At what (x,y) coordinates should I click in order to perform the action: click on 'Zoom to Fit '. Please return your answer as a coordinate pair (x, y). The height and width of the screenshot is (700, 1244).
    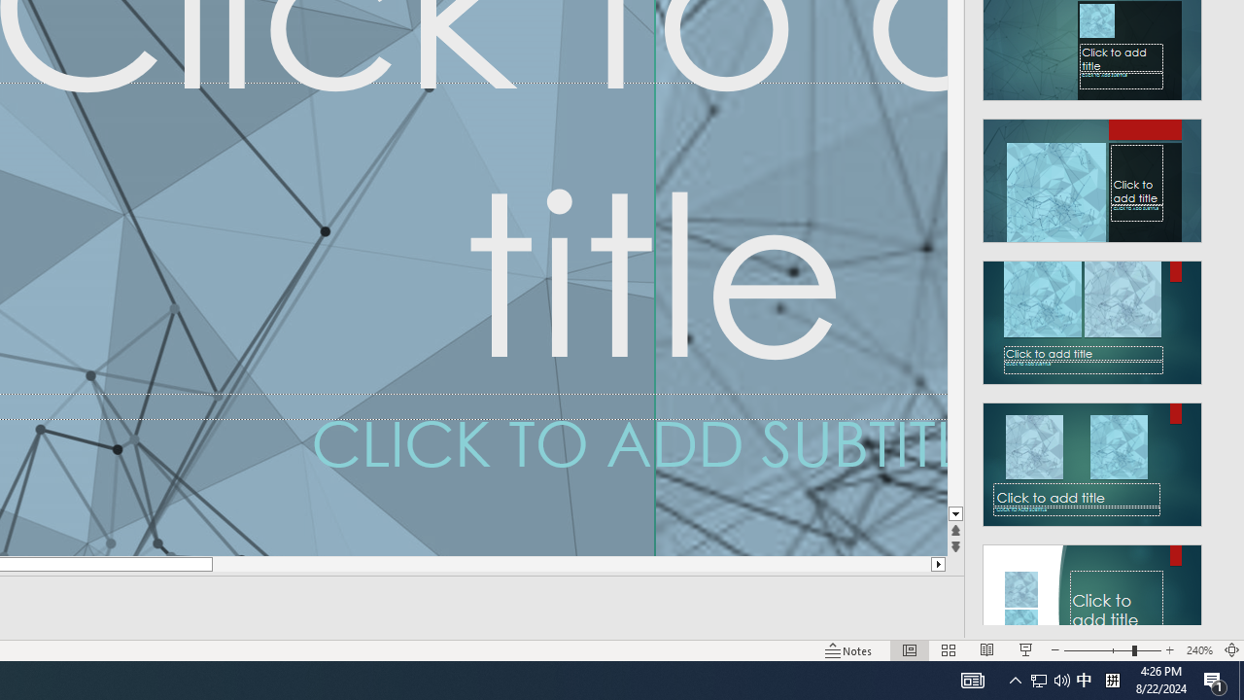
    Looking at the image, I should click on (1230, 650).